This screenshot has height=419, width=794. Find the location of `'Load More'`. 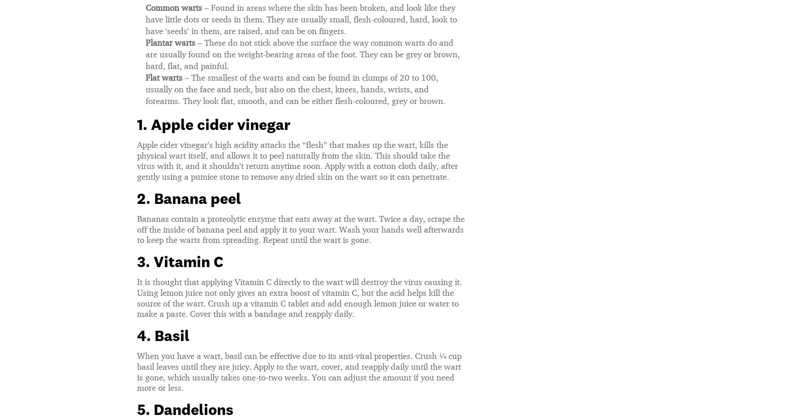

'Load More' is located at coordinates (397, 292).